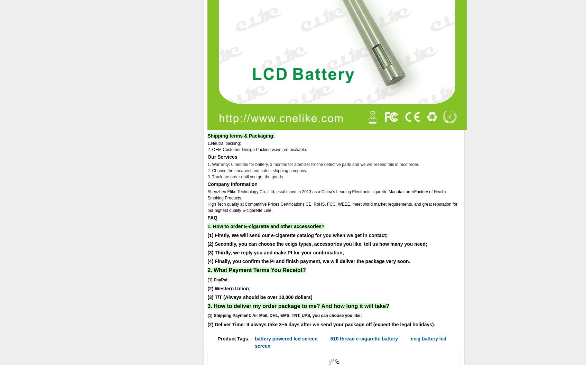 The width and height of the screenshot is (586, 365). What do you see at coordinates (326, 195) in the screenshot?
I see `'Shenzhen Elike Technology Co., Ltd, establshed in 2013 as a China's Leading Electronic cigarette Manufacturer/Factory of Health Smoking Products.'` at bounding box center [326, 195].